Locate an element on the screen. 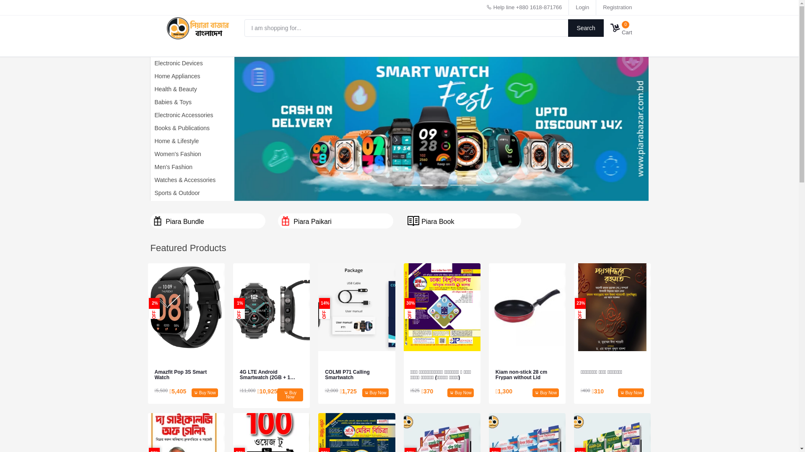  'Kiam non-stick 28 cm Frypan without Lid' is located at coordinates (527, 374).